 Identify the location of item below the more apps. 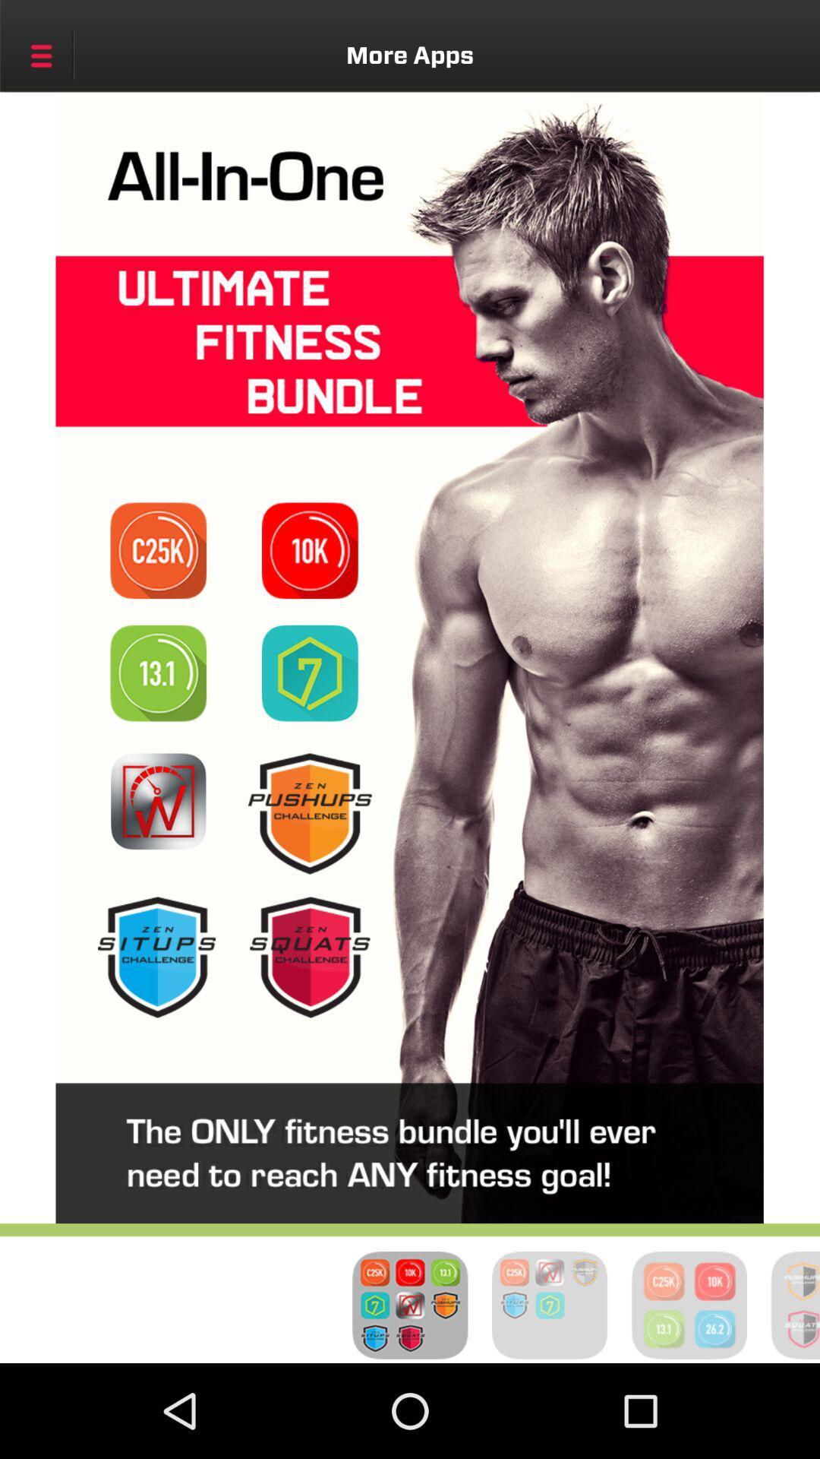
(309, 549).